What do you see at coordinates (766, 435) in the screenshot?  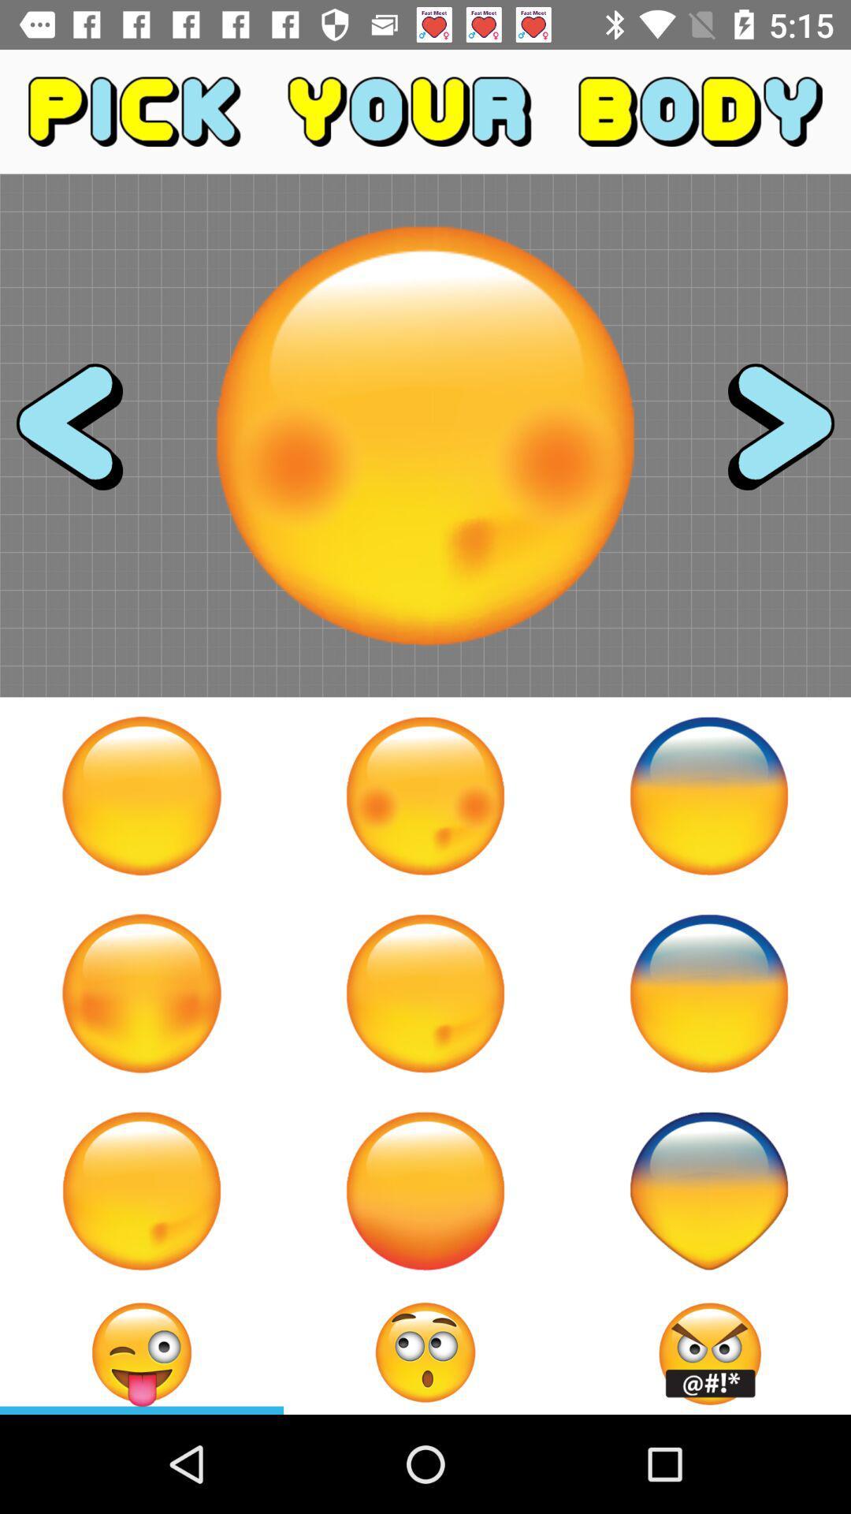 I see `the arrow_forward icon` at bounding box center [766, 435].